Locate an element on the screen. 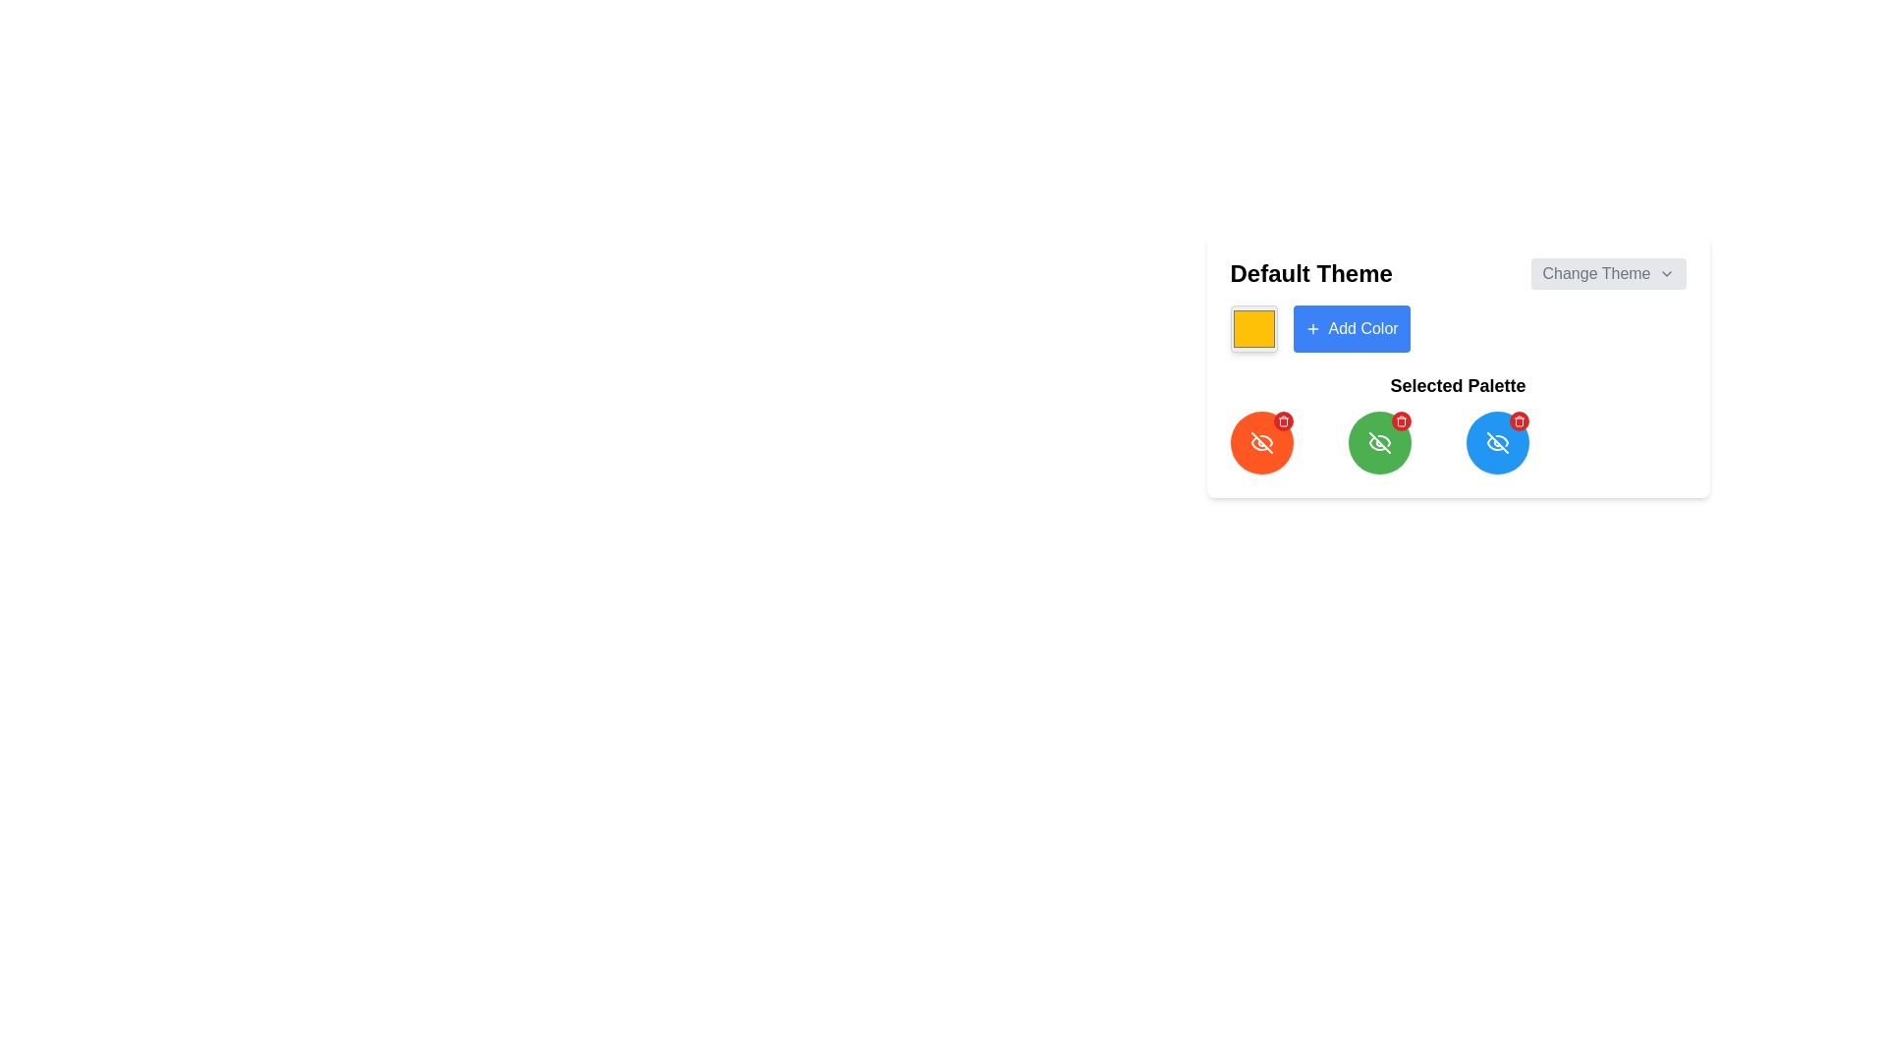 The height and width of the screenshot is (1061, 1886). the visibility toggle icon located in the middle circular button of the 'Selected Palette' group, which has a red background is located at coordinates (1261, 443).